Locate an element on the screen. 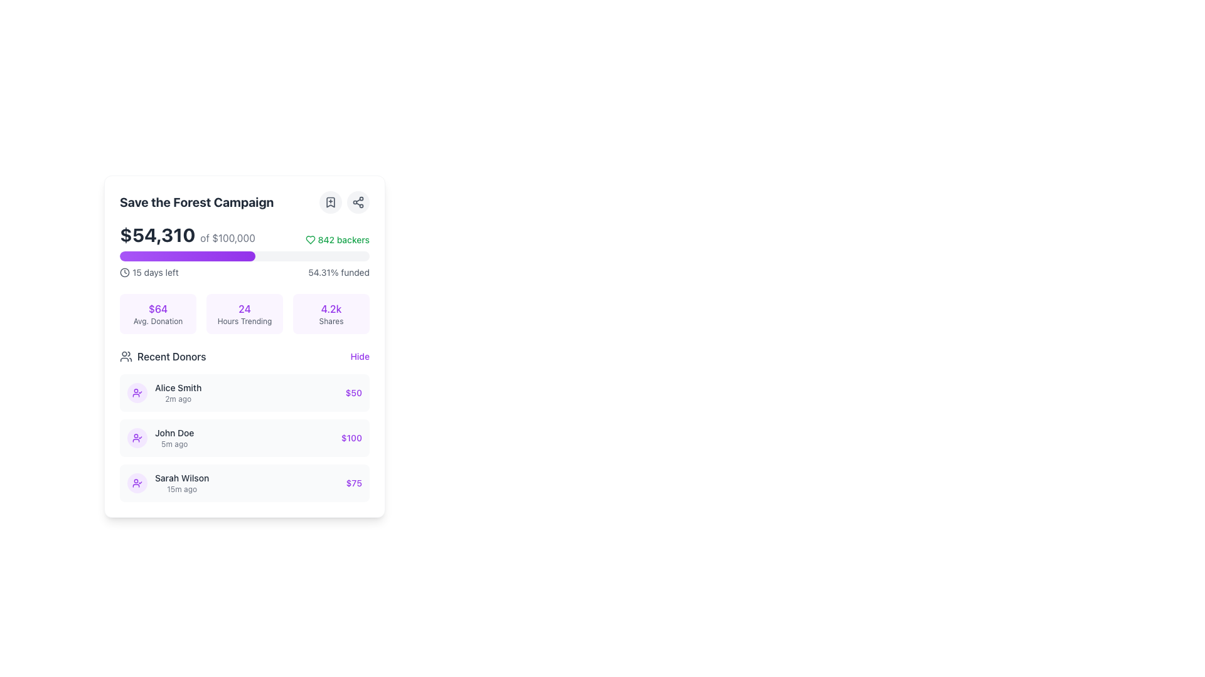 This screenshot has height=677, width=1205. the text label displaying the name 'John Doe' in medium black font, located under the 'Recent Donors' section is located at coordinates (174, 432).